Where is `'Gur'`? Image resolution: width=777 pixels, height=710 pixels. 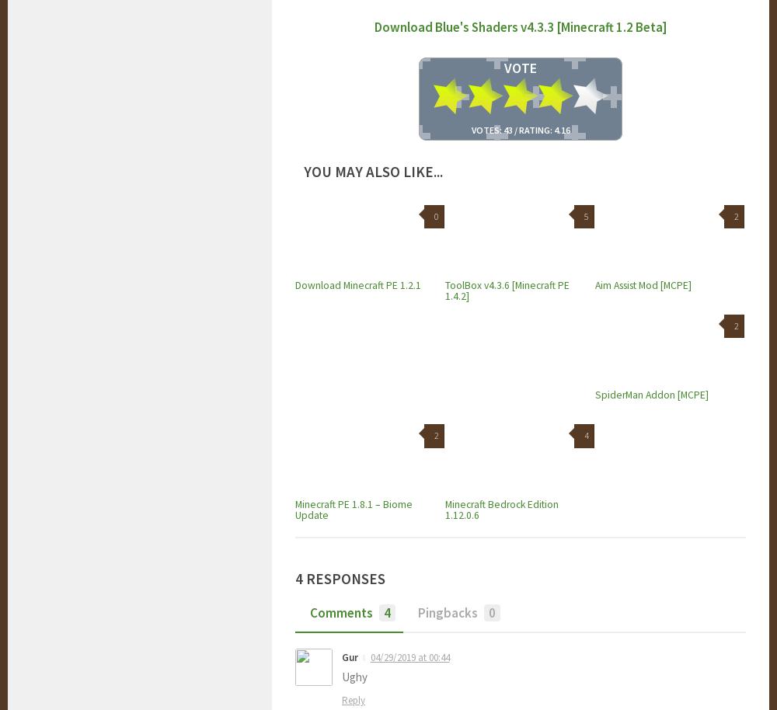
'Gur' is located at coordinates (341, 656).